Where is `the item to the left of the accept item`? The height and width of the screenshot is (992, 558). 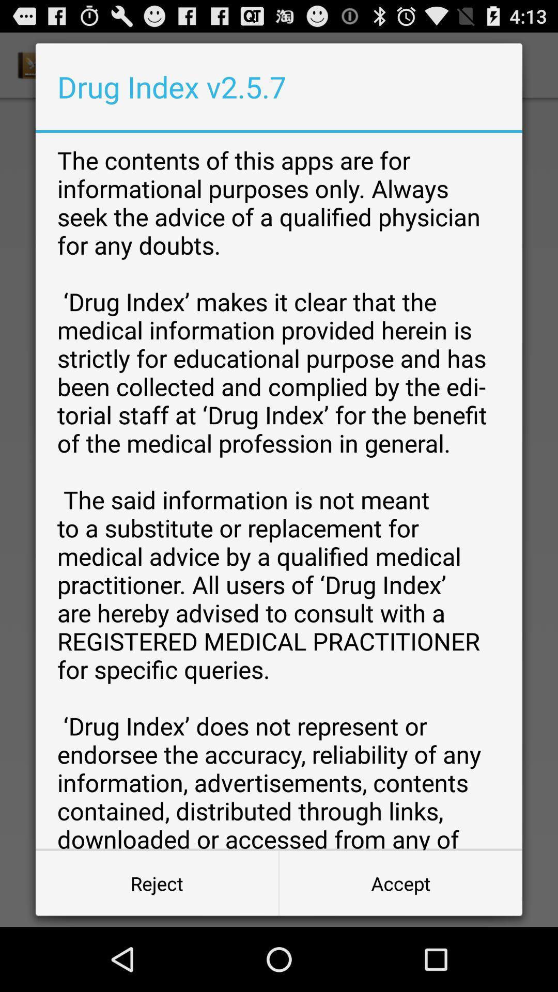 the item to the left of the accept item is located at coordinates (157, 882).